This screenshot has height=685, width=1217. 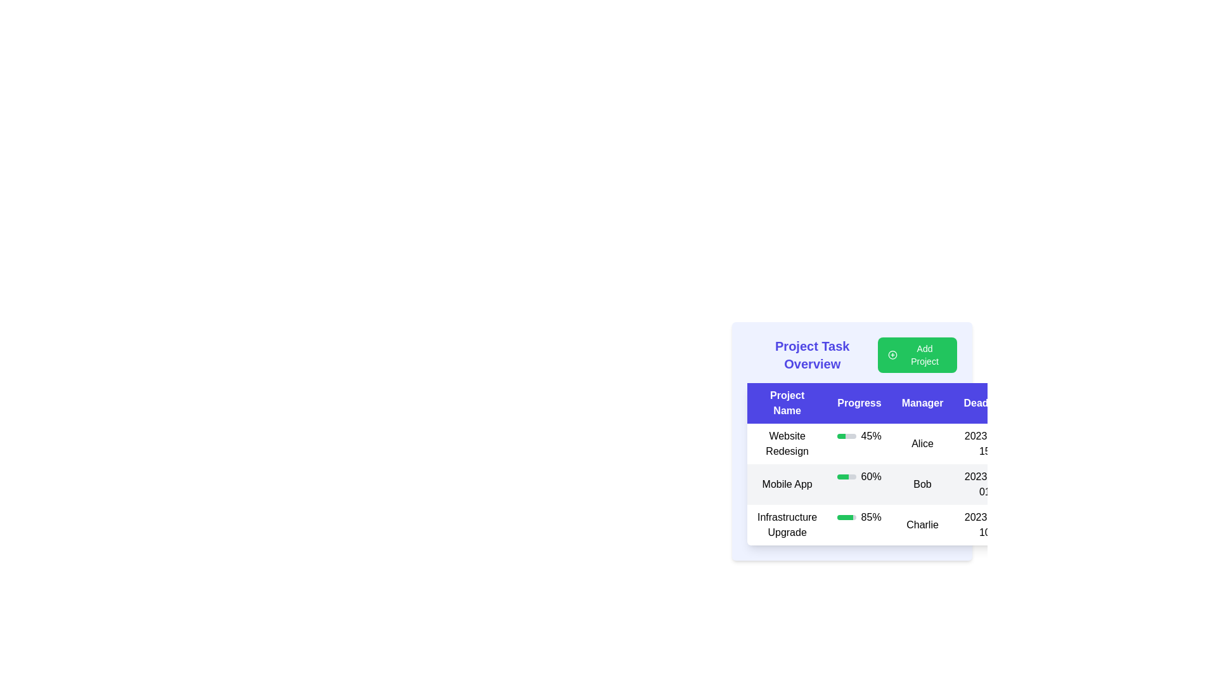 What do you see at coordinates (787, 443) in the screenshot?
I see `on the text label for the project named 'Website Redesign' located in the first column of the project table` at bounding box center [787, 443].